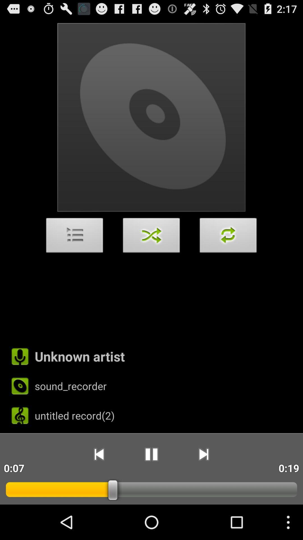 Image resolution: width=303 pixels, height=540 pixels. I want to click on the skip_next icon, so click(204, 486).